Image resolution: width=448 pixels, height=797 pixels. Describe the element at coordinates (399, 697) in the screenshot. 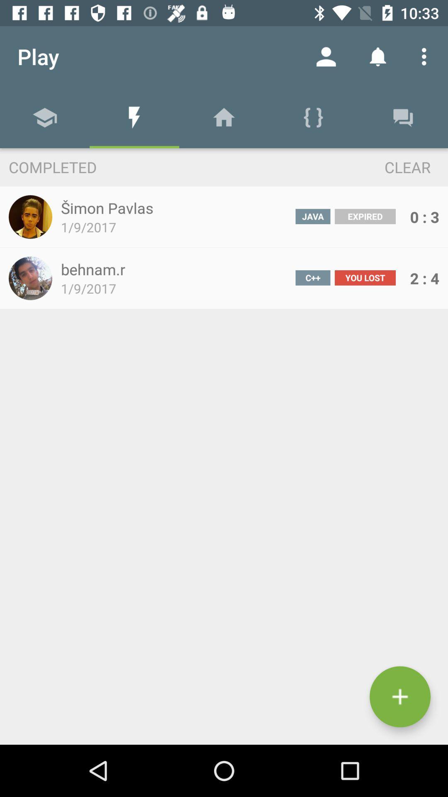

I see `a line of new codes` at that location.